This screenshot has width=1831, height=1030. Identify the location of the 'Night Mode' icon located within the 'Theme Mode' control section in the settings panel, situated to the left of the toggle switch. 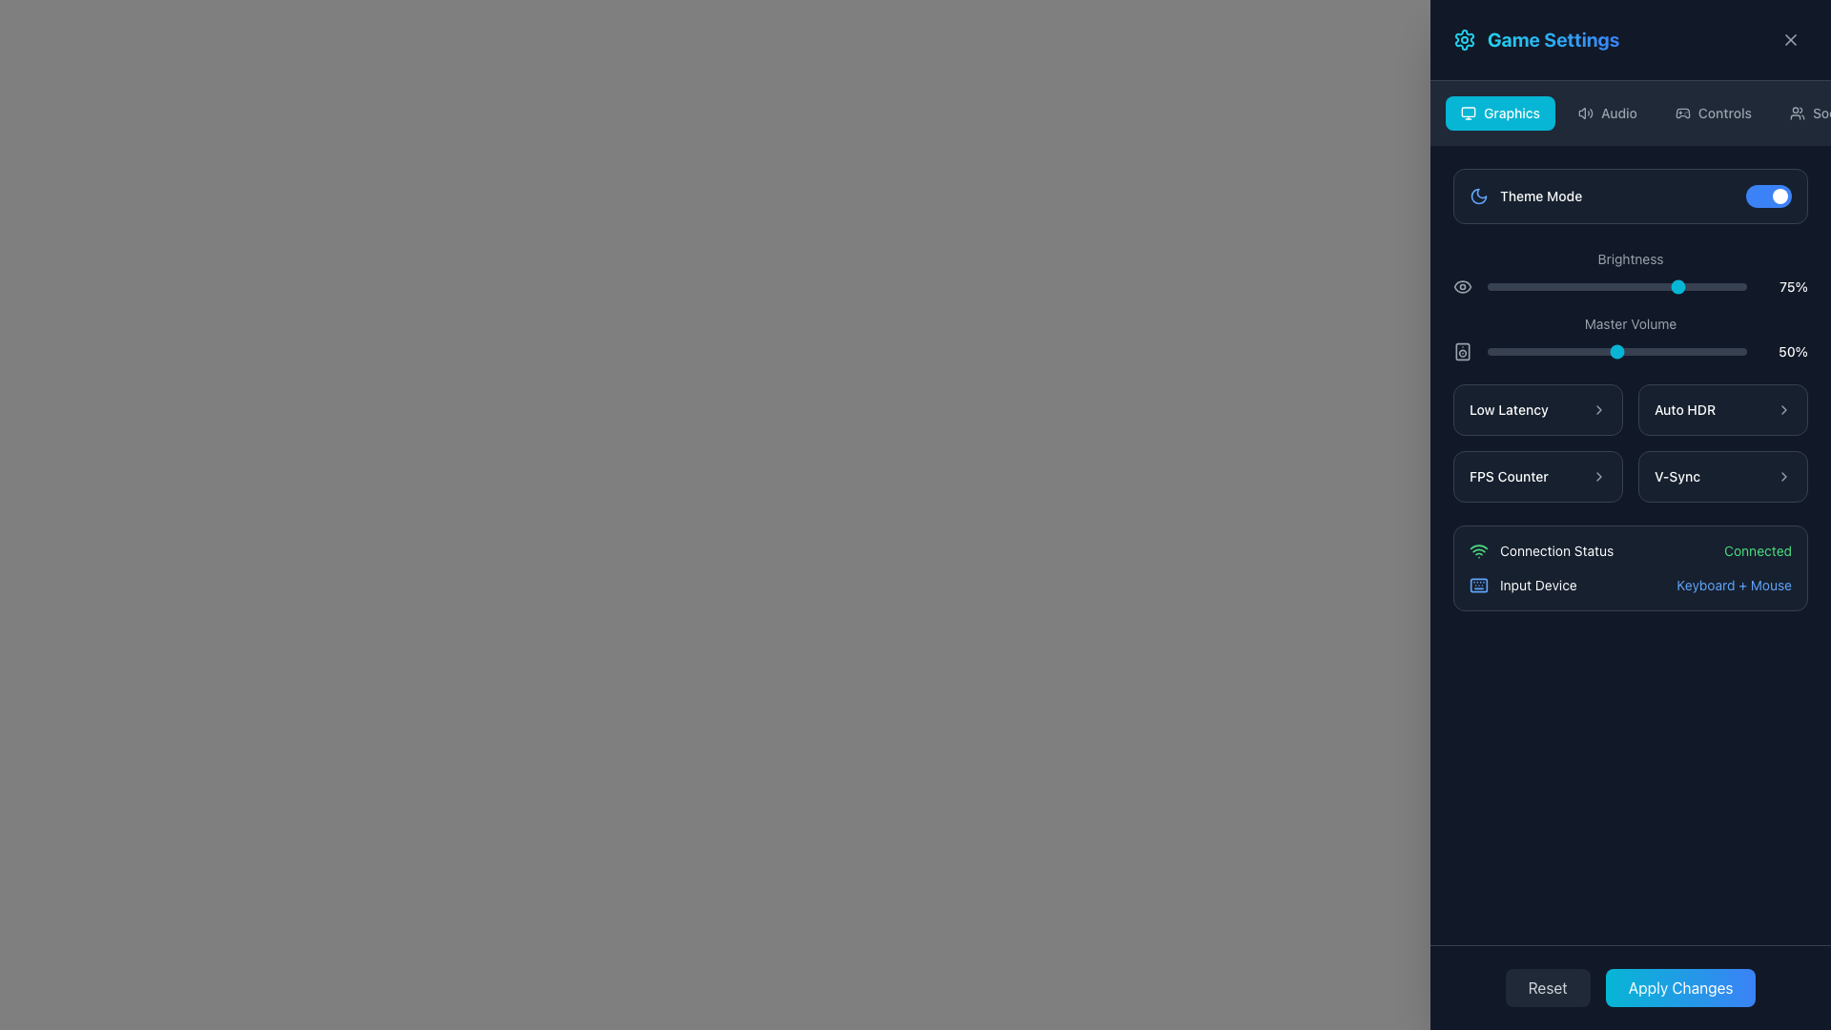
(1477, 196).